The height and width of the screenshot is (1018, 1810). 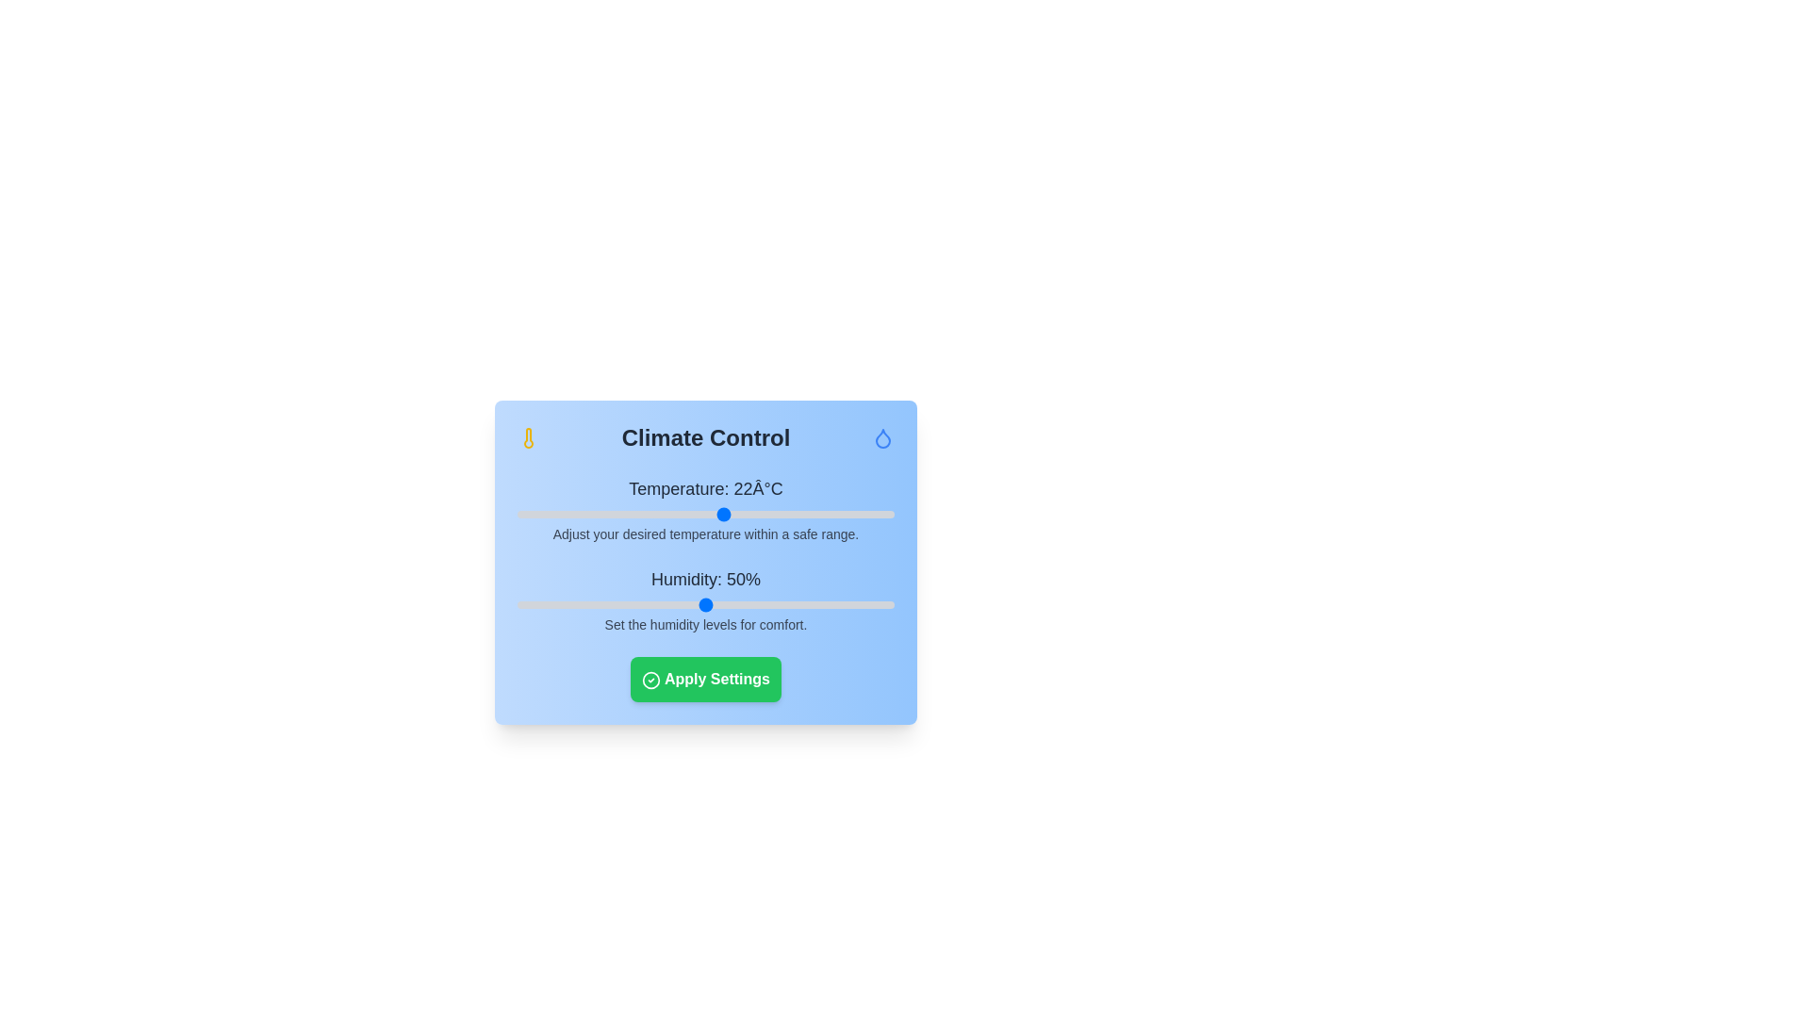 What do you see at coordinates (704, 599) in the screenshot?
I see `current value and description of the Slidable Range Input Control for adjusting humidity level, which is located under the 'Climate Control' header, specifically the second control section below the temperature adjustment section` at bounding box center [704, 599].